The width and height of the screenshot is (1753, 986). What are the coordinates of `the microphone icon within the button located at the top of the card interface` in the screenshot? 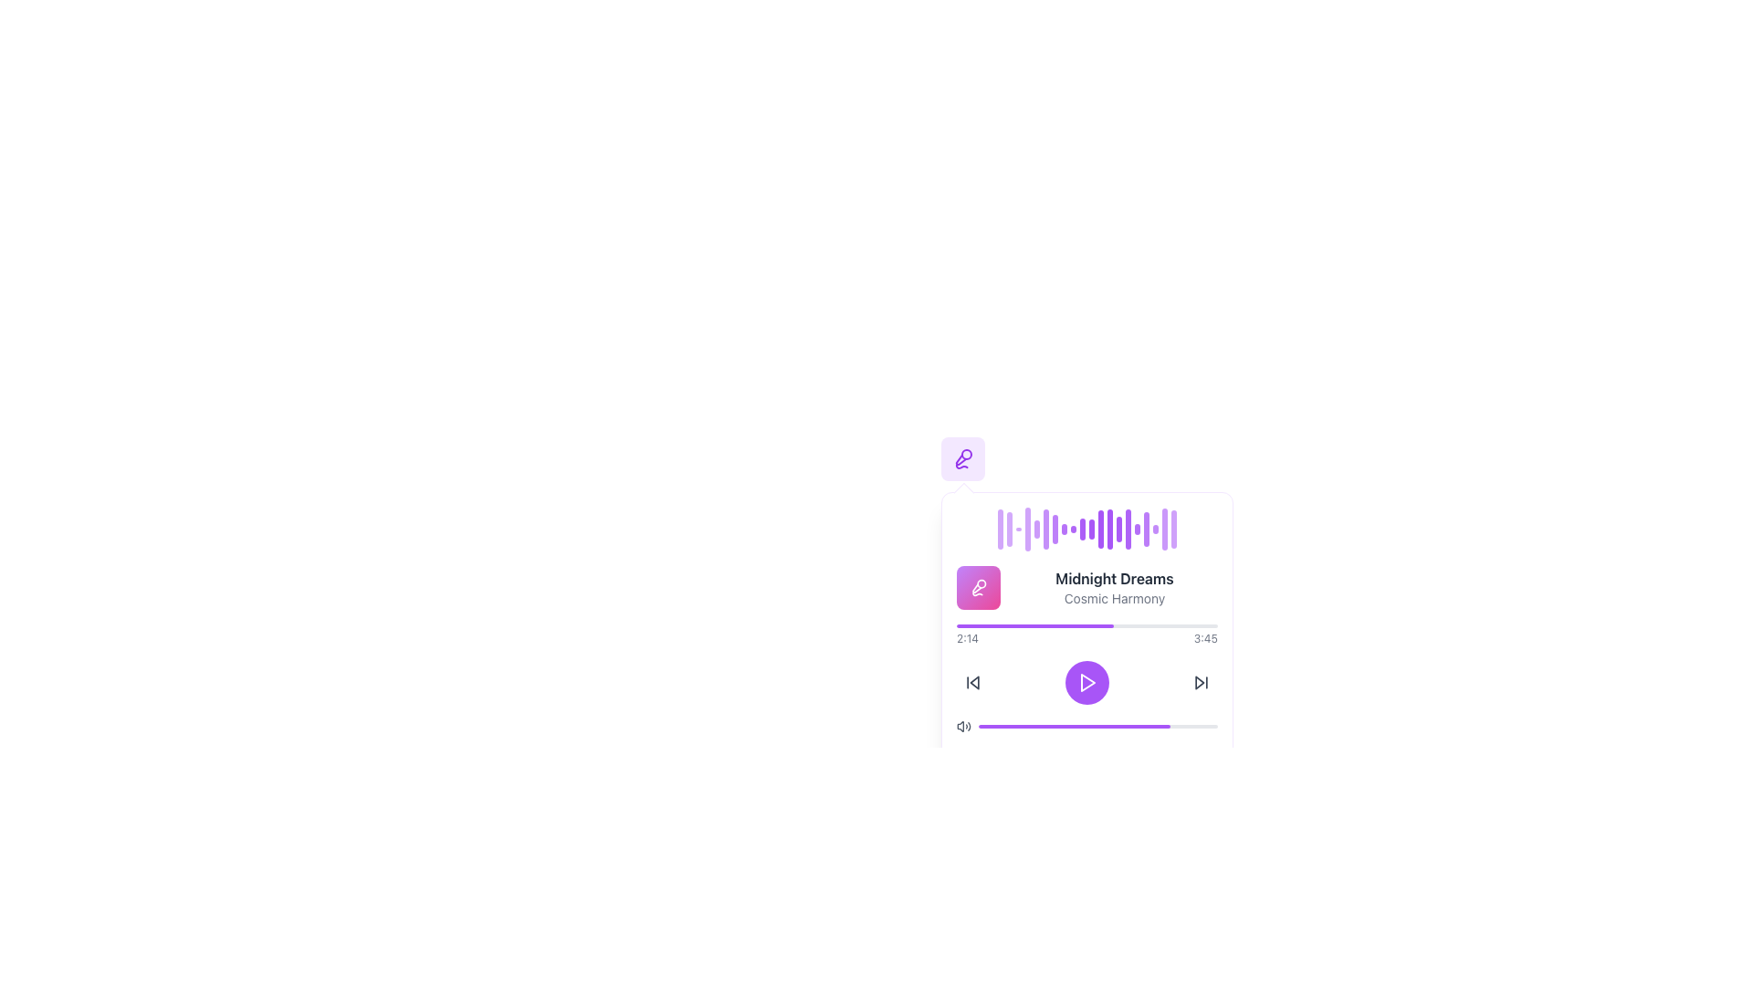 It's located at (977, 588).